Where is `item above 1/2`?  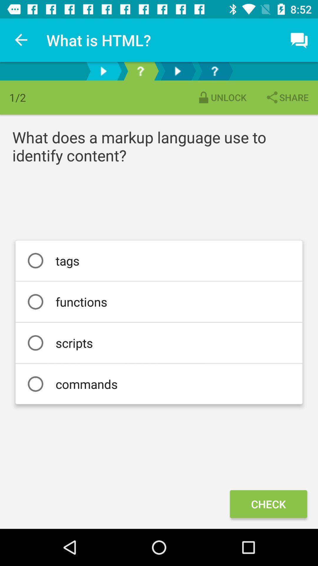 item above 1/2 is located at coordinates (21, 40).